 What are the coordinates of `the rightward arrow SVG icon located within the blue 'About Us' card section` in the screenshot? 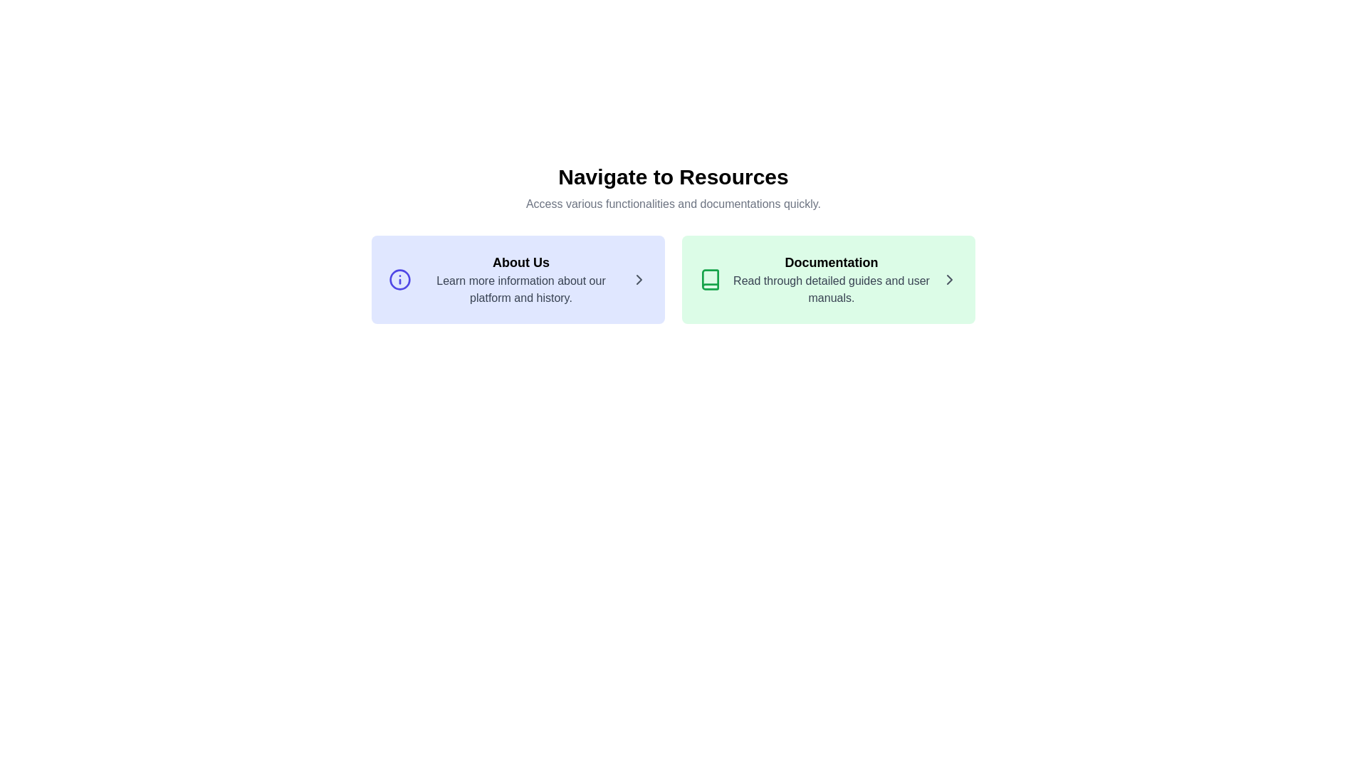 It's located at (638, 280).